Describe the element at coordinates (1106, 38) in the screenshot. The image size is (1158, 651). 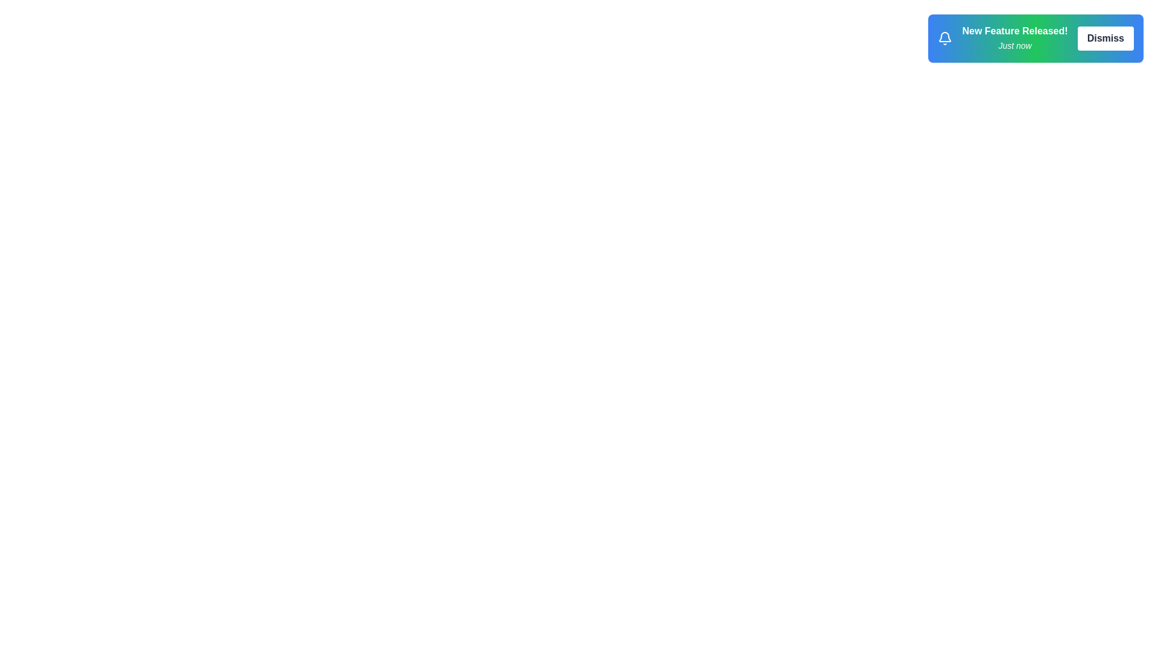
I see `'Dismiss' button to remove the notification` at that location.